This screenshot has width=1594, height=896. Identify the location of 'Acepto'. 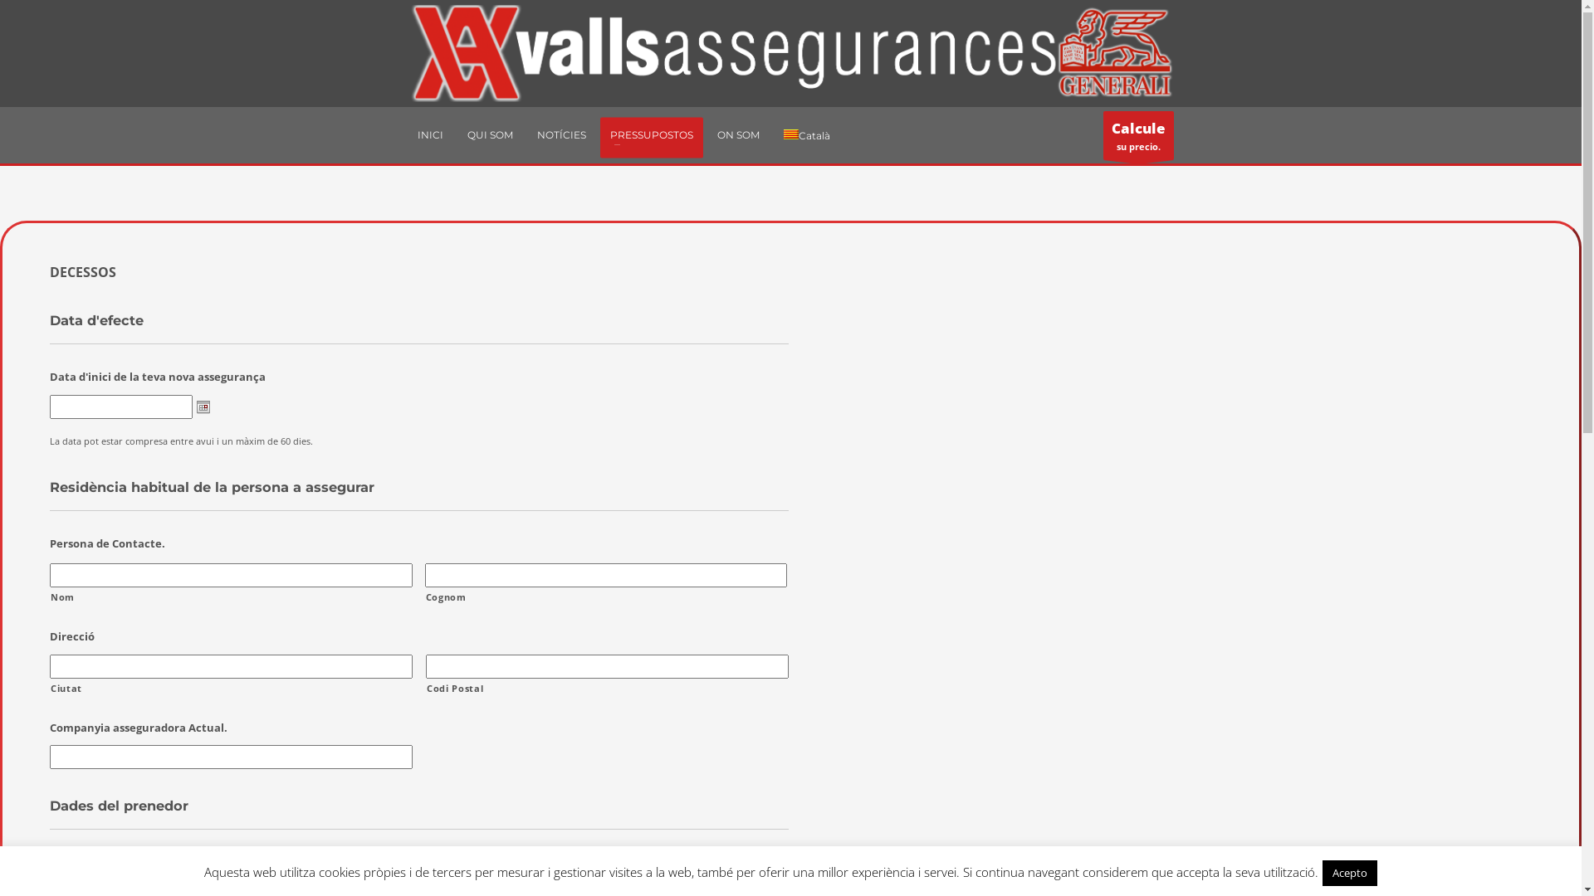
(1350, 872).